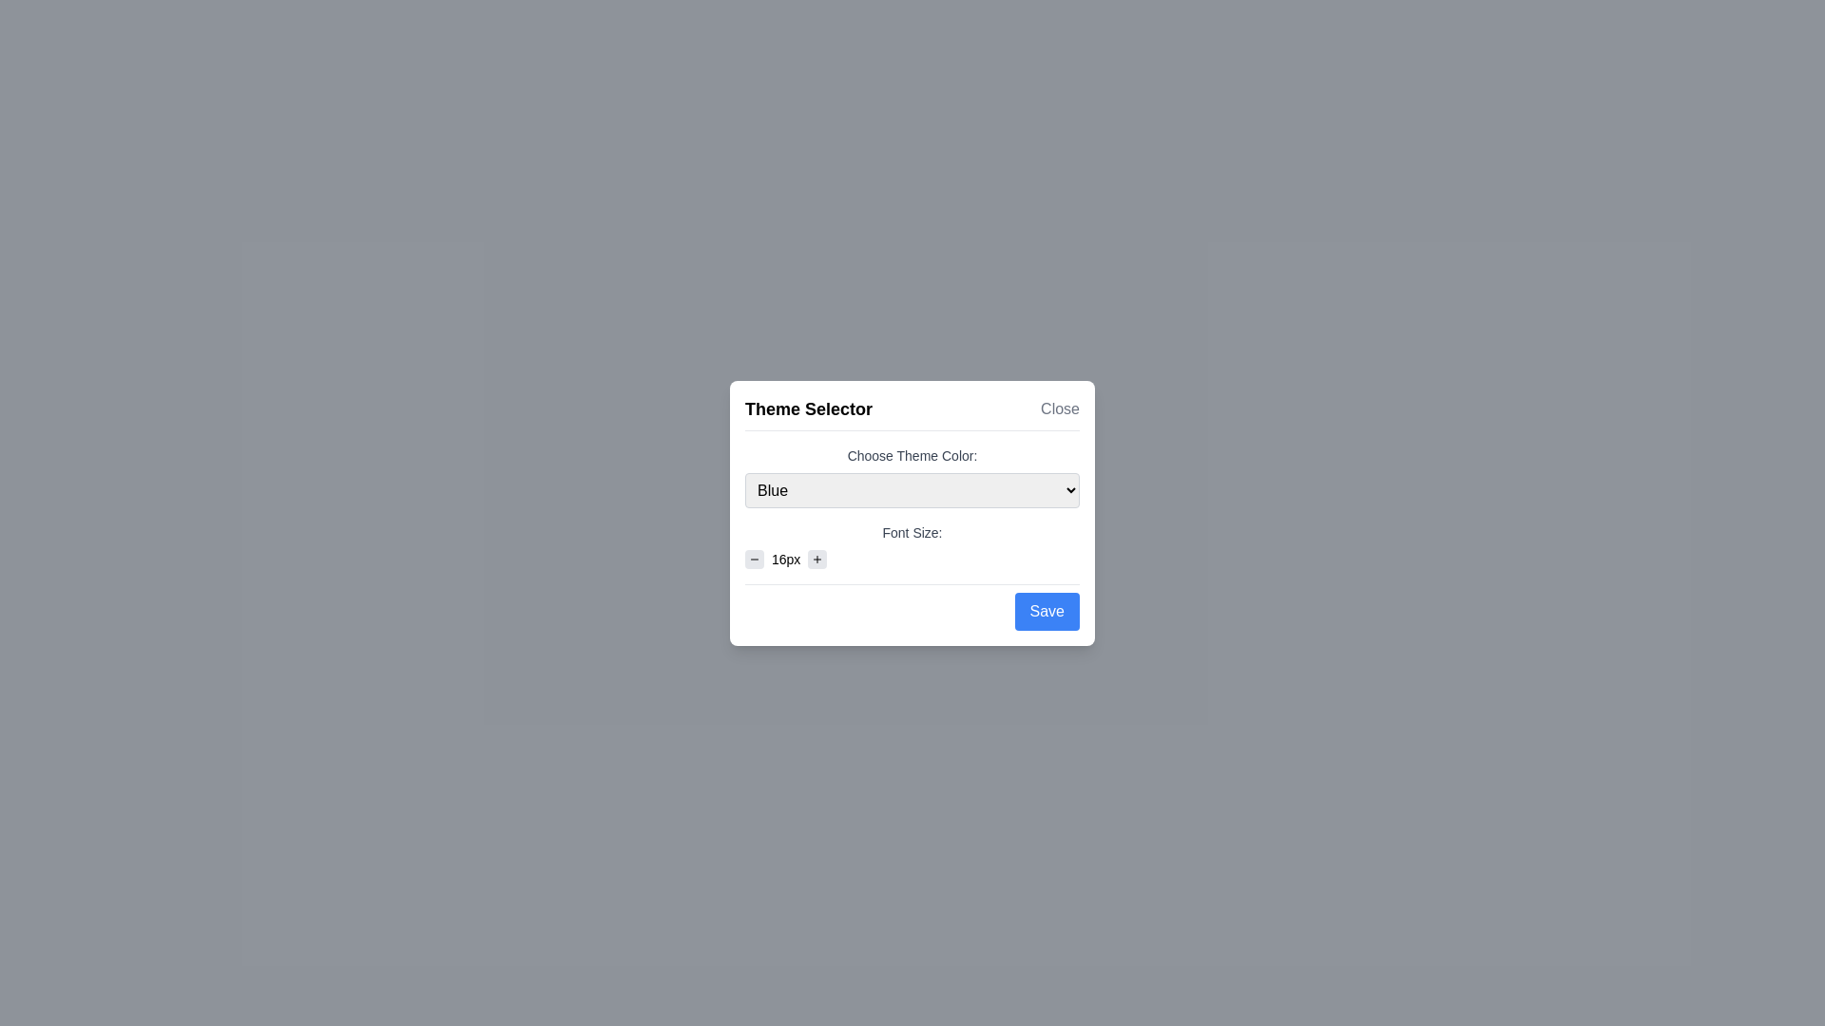 The height and width of the screenshot is (1026, 1825). Describe the element at coordinates (1059, 408) in the screenshot. I see `the 'Close' button, which is a text-based button with gray text located near the top-right corner of the modal window` at that location.